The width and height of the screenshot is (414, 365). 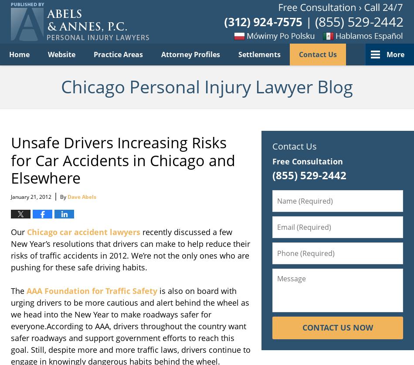 I want to click on 'AAA Foundation for Traffic Safety', so click(x=92, y=290).